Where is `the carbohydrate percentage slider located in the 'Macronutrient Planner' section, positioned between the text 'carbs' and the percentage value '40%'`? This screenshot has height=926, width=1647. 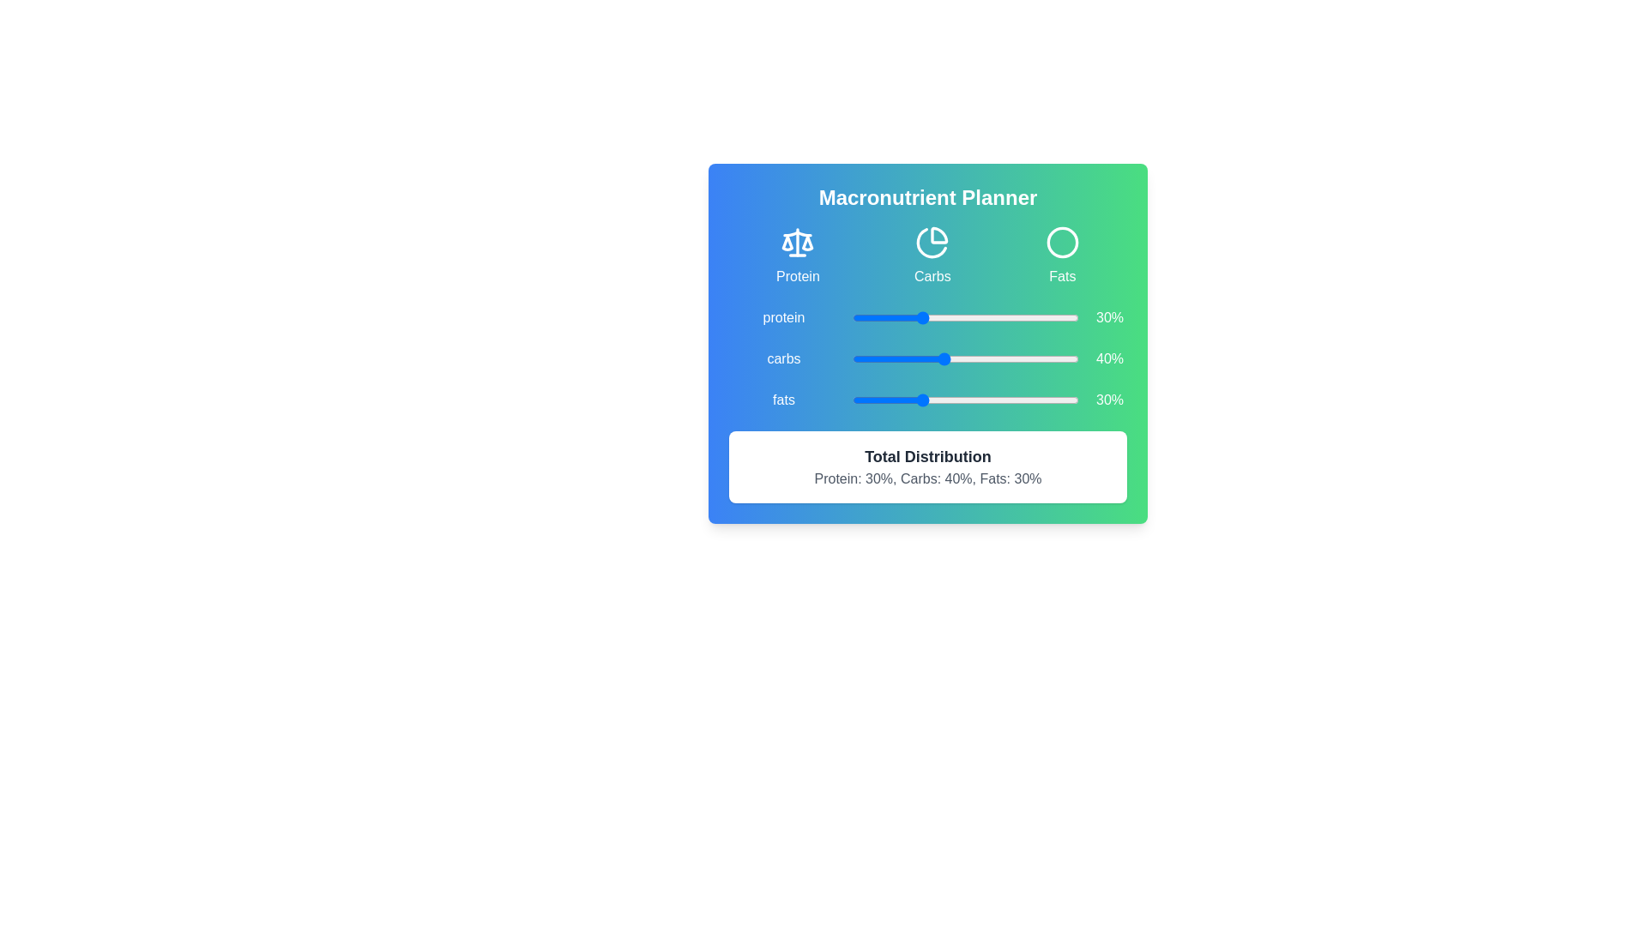 the carbohydrate percentage slider located in the 'Macronutrient Planner' section, positioned between the text 'carbs' and the percentage value '40%' is located at coordinates (926, 344).